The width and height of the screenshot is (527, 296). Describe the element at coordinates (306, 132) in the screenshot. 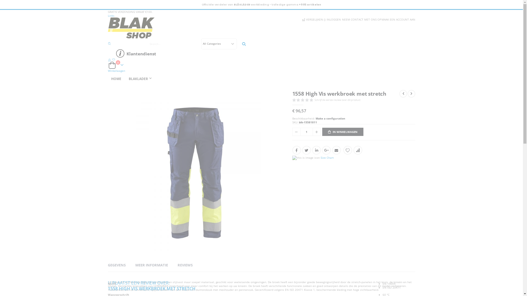

I see `'Aantal'` at that location.